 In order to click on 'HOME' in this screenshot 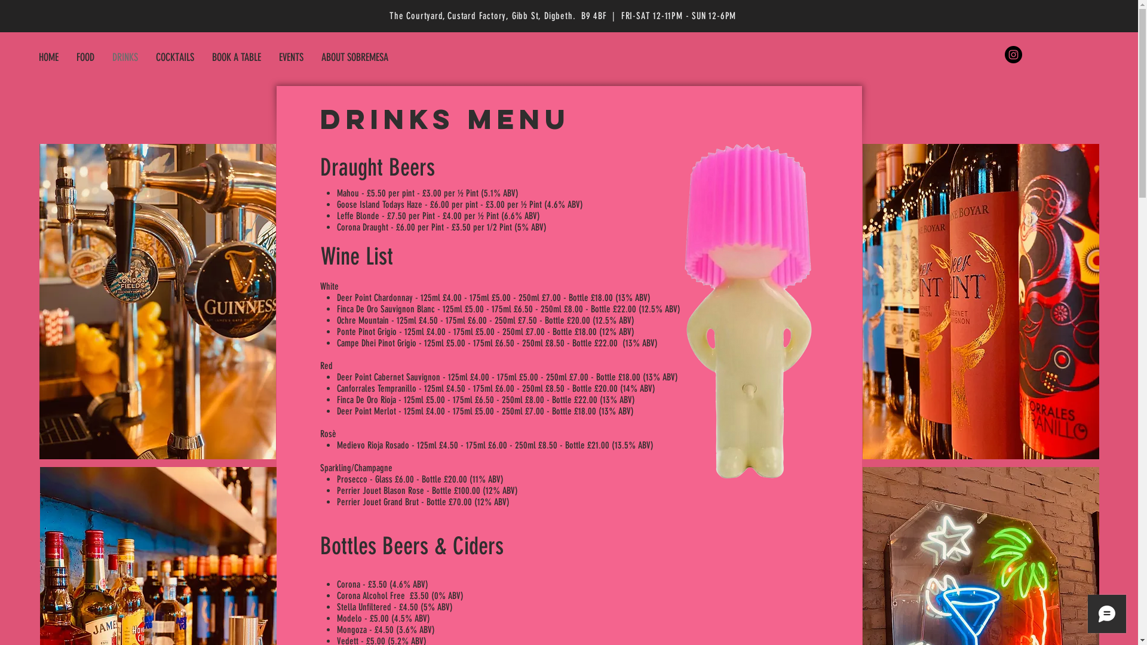, I will do `click(48, 57)`.